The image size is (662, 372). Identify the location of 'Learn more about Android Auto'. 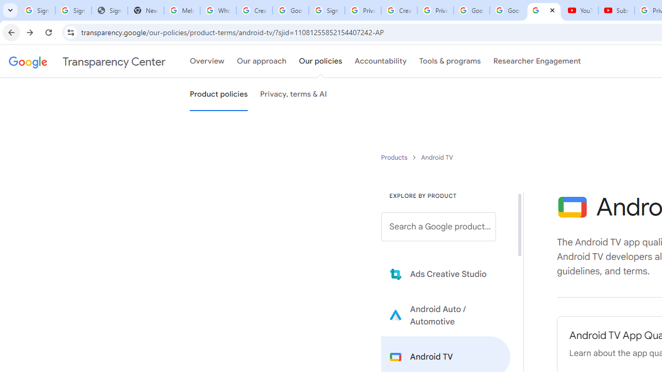
(446, 315).